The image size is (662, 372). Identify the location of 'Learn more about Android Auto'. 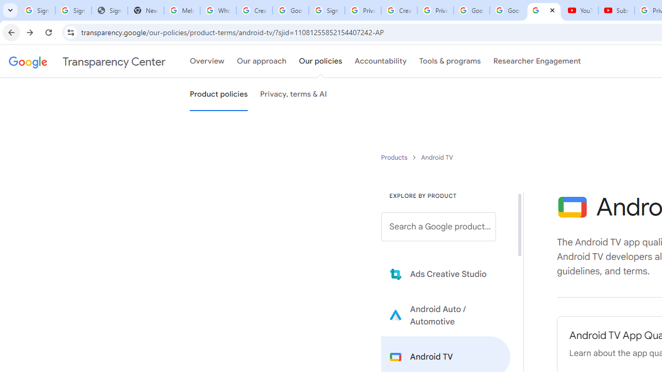
(446, 315).